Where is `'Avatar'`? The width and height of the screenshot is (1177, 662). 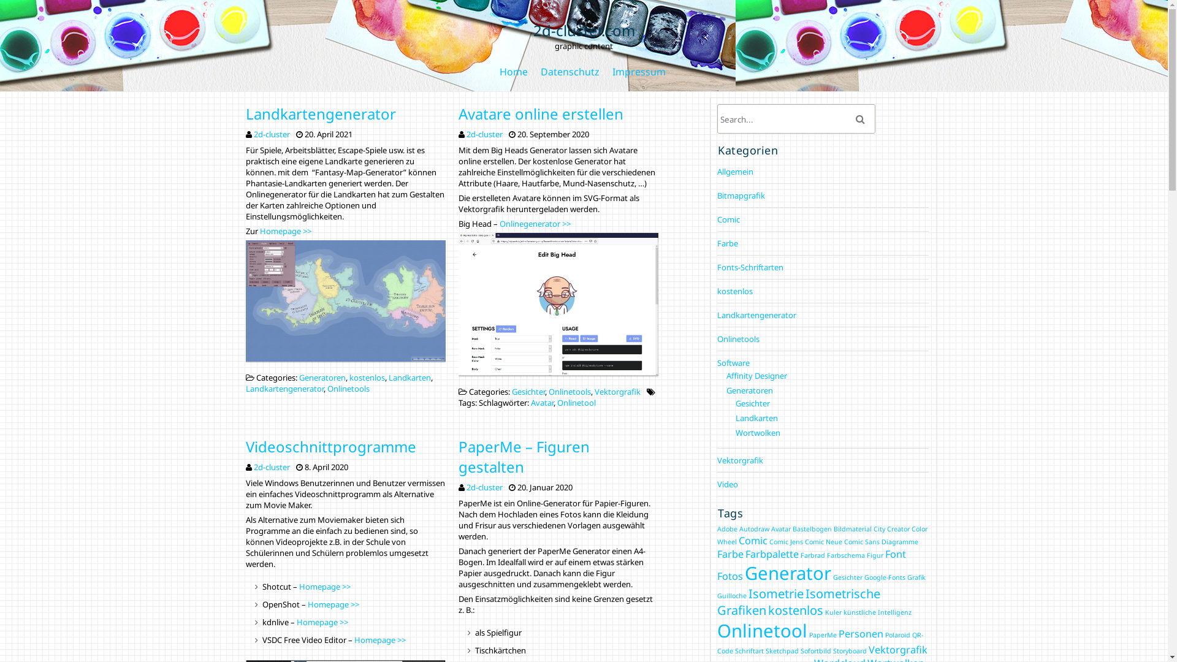 'Avatar' is located at coordinates (530, 402).